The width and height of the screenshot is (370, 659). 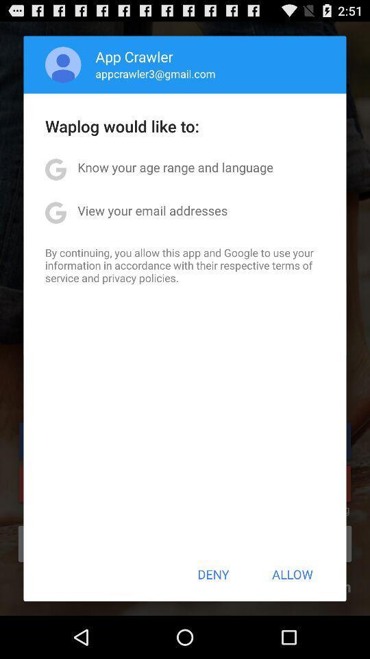 What do you see at coordinates (213, 574) in the screenshot?
I see `deny button` at bounding box center [213, 574].